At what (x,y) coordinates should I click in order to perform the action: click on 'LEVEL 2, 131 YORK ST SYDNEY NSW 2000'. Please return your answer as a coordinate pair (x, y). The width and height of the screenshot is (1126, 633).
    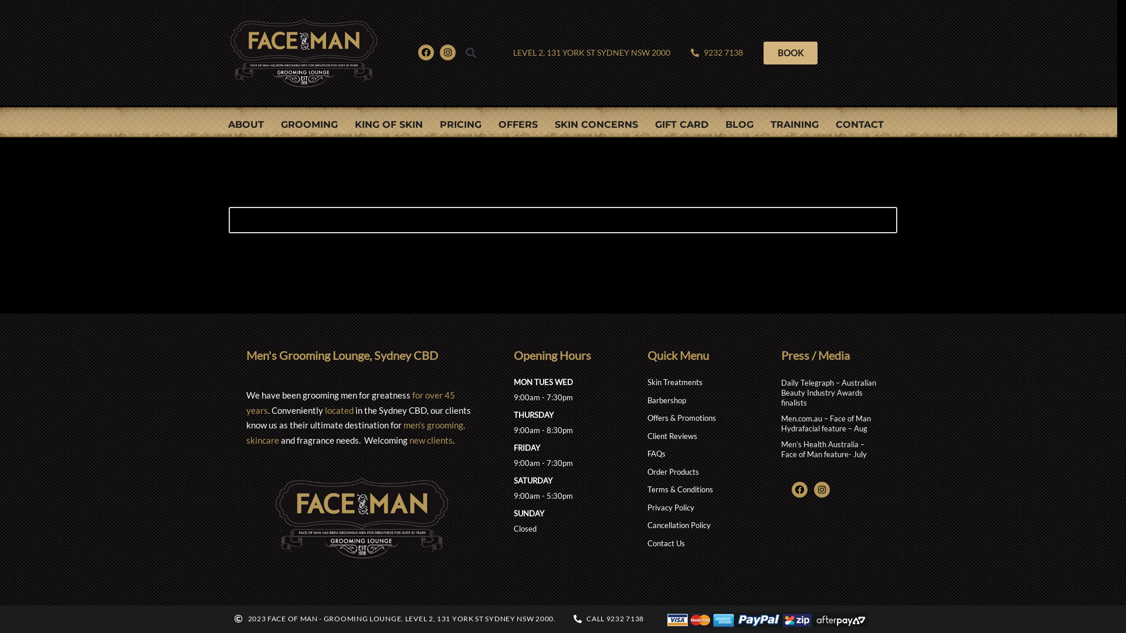
    Looking at the image, I should click on (591, 52).